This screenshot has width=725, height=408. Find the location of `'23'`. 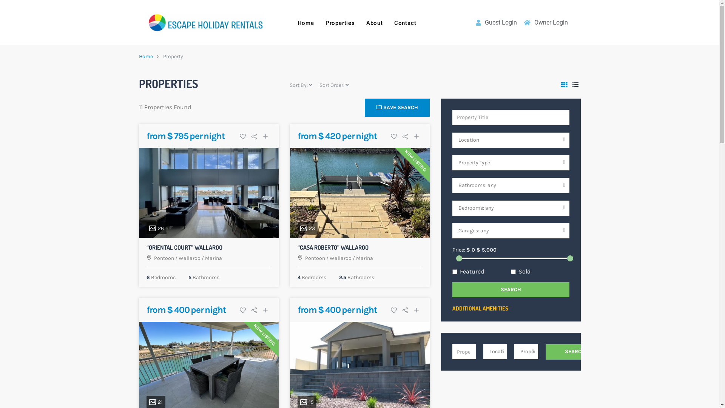

'23' is located at coordinates (359, 192).